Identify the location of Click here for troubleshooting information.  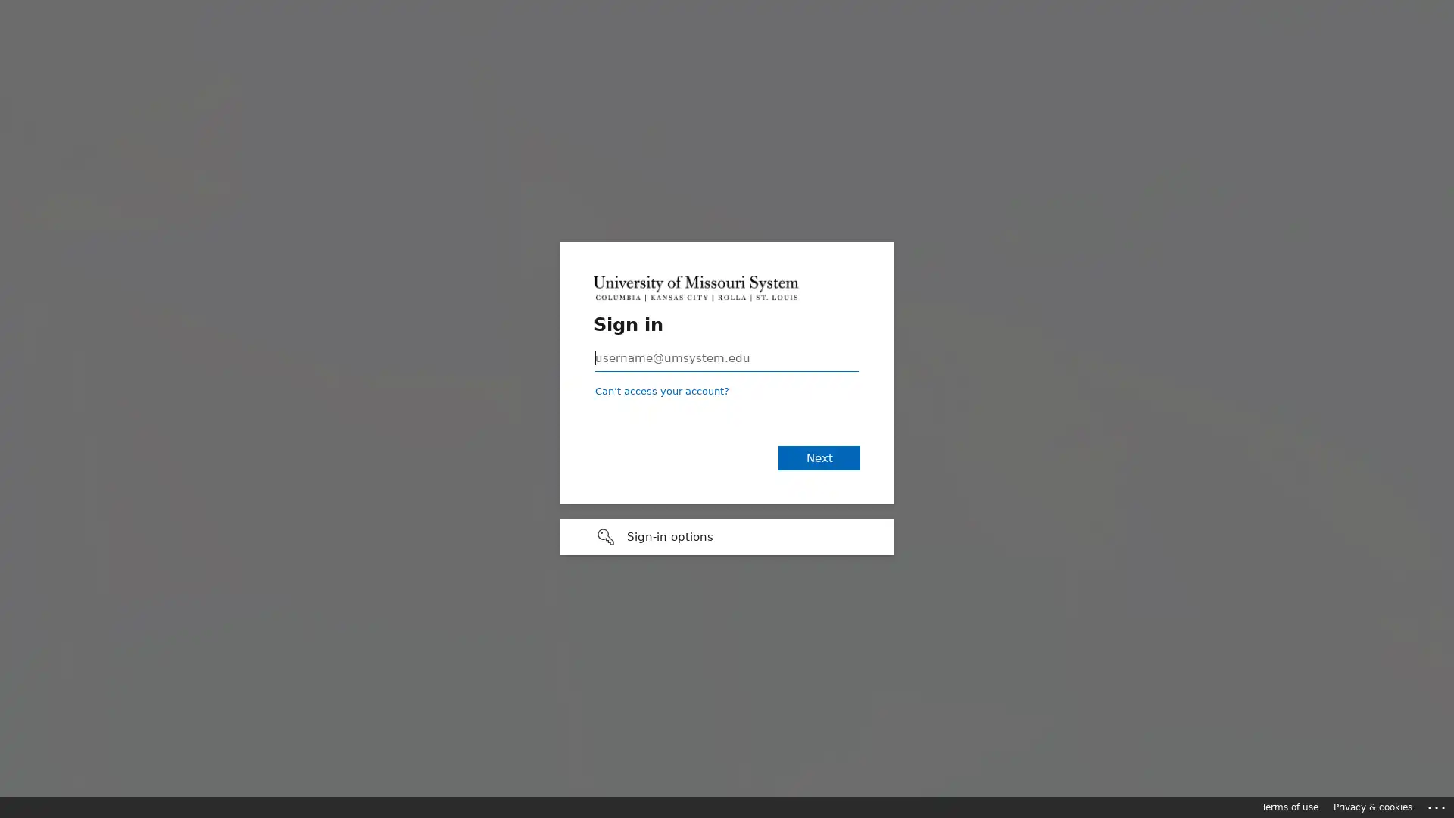
(1437, 804).